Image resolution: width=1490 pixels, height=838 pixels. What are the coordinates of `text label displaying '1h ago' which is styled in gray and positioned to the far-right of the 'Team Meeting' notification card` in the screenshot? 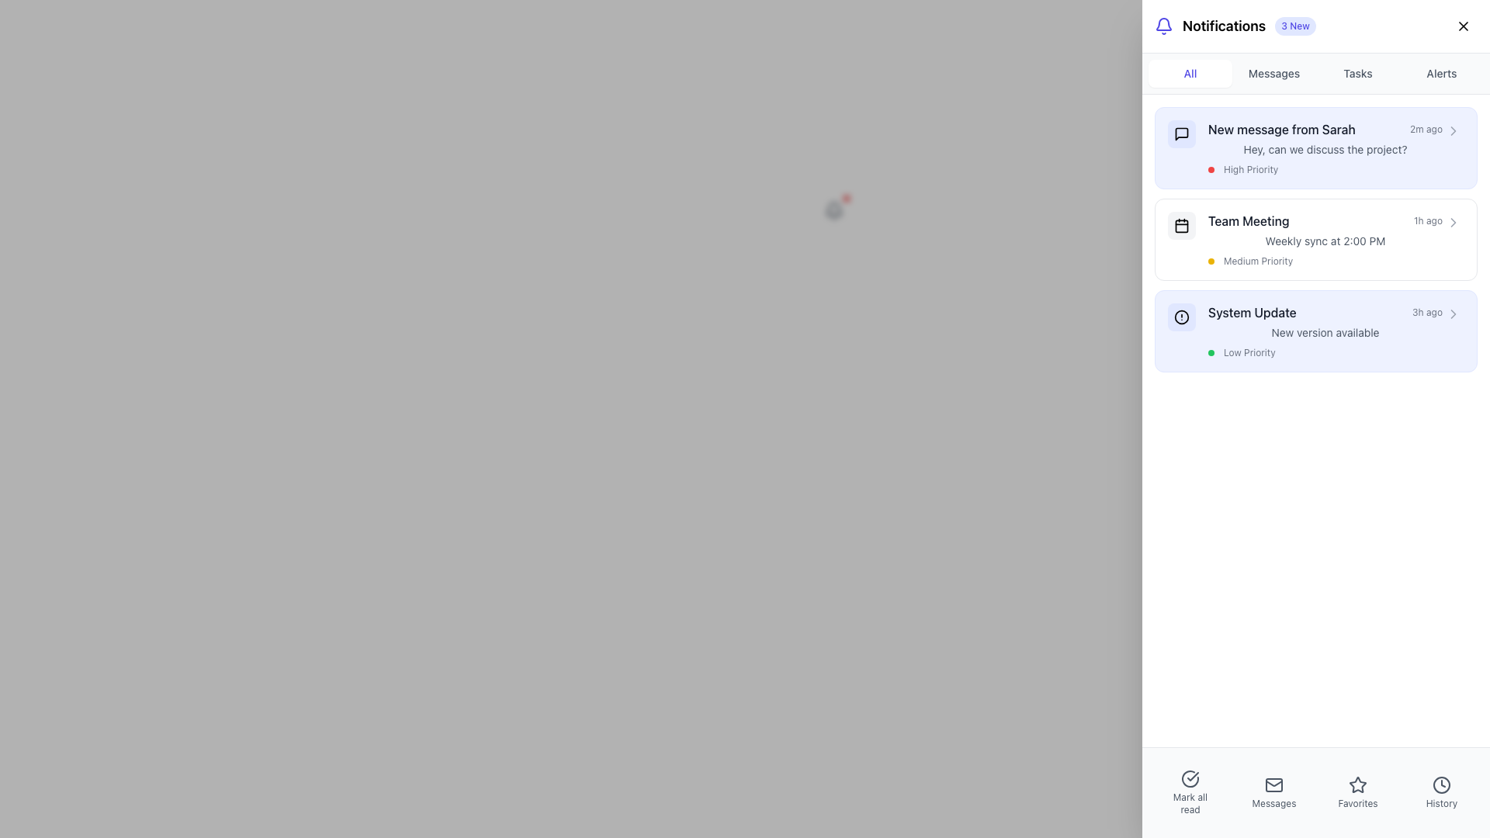 It's located at (1428, 221).